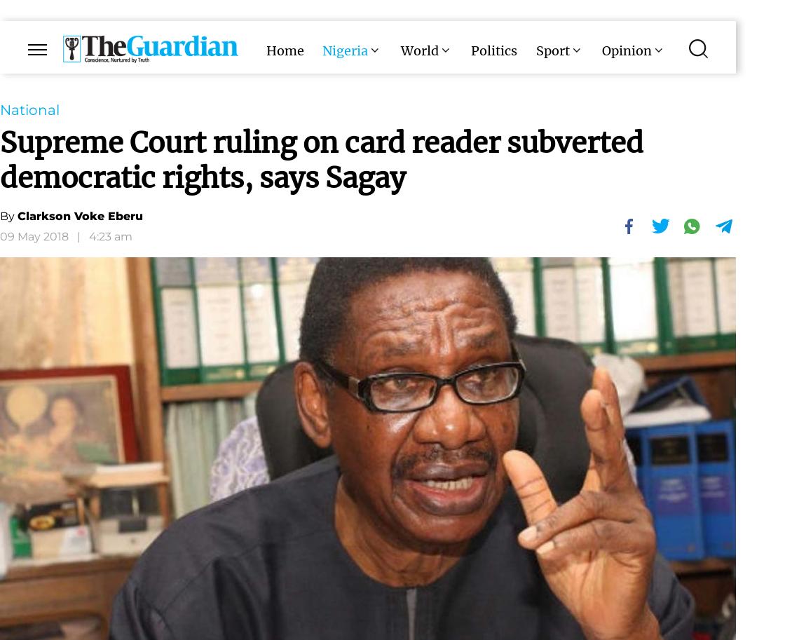  Describe the element at coordinates (407, 107) in the screenshot. I see `'Metro'` at that location.